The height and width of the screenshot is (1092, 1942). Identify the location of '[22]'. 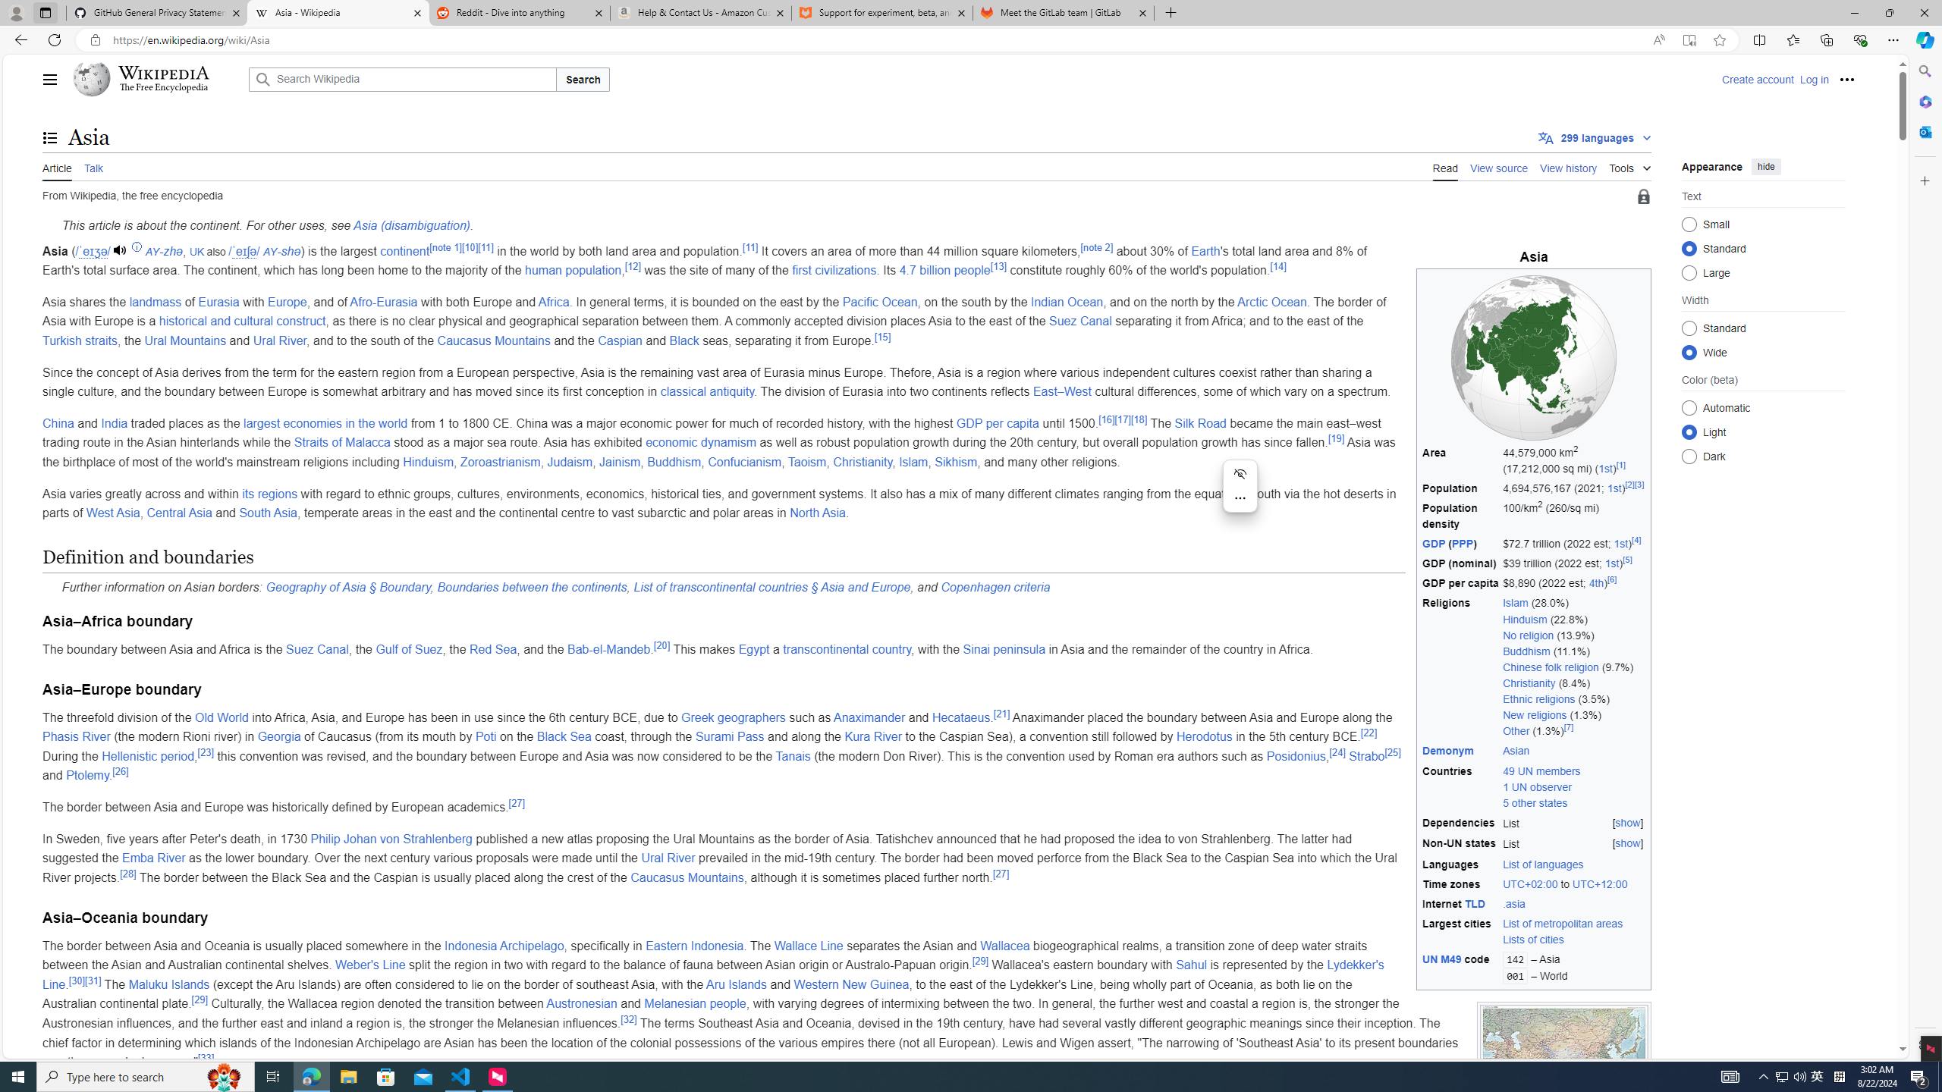
(1367, 732).